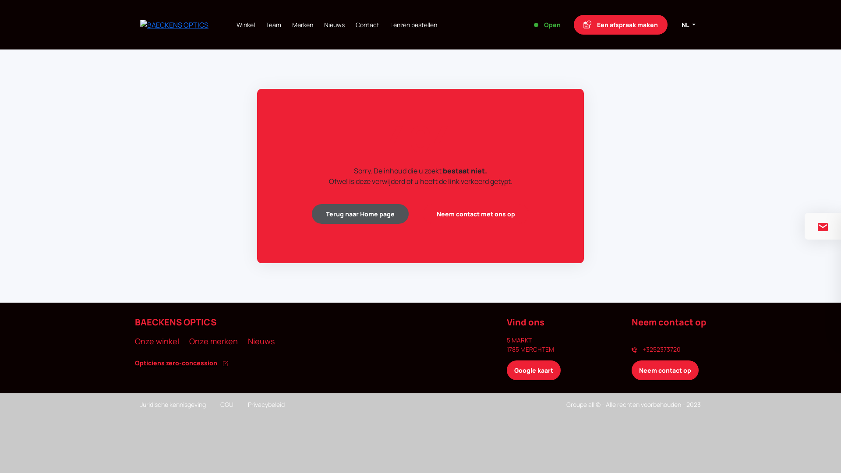  I want to click on 'Privacybeleid', so click(247, 404).